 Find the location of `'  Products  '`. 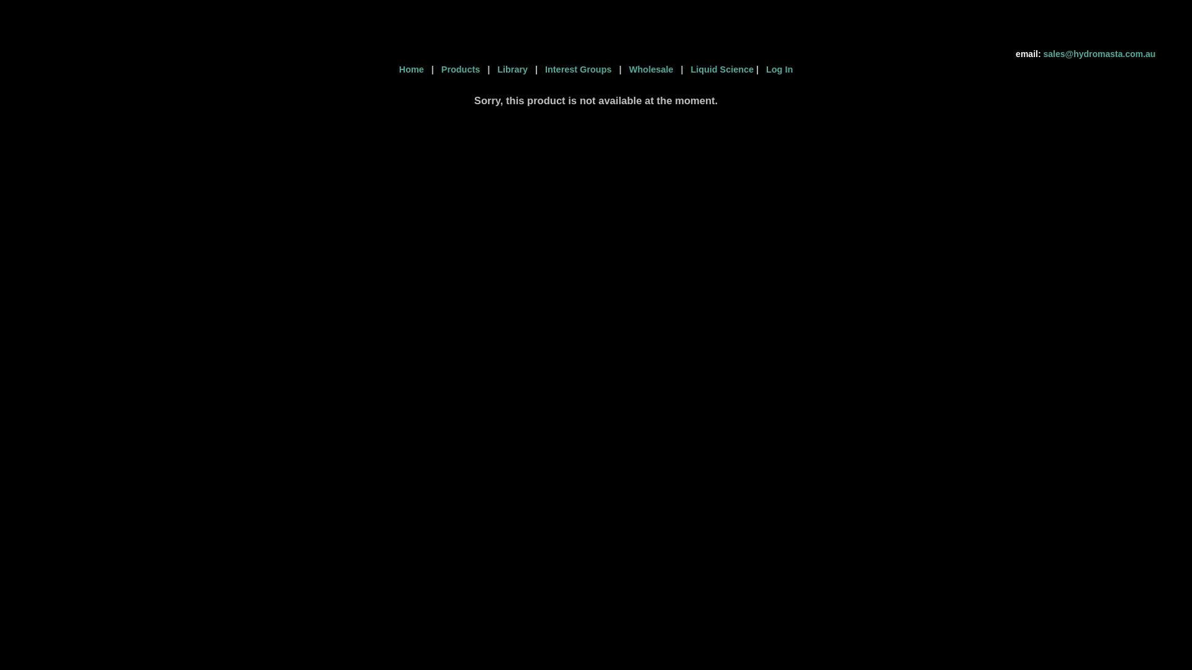

'  Products  ' is located at coordinates (461, 69).